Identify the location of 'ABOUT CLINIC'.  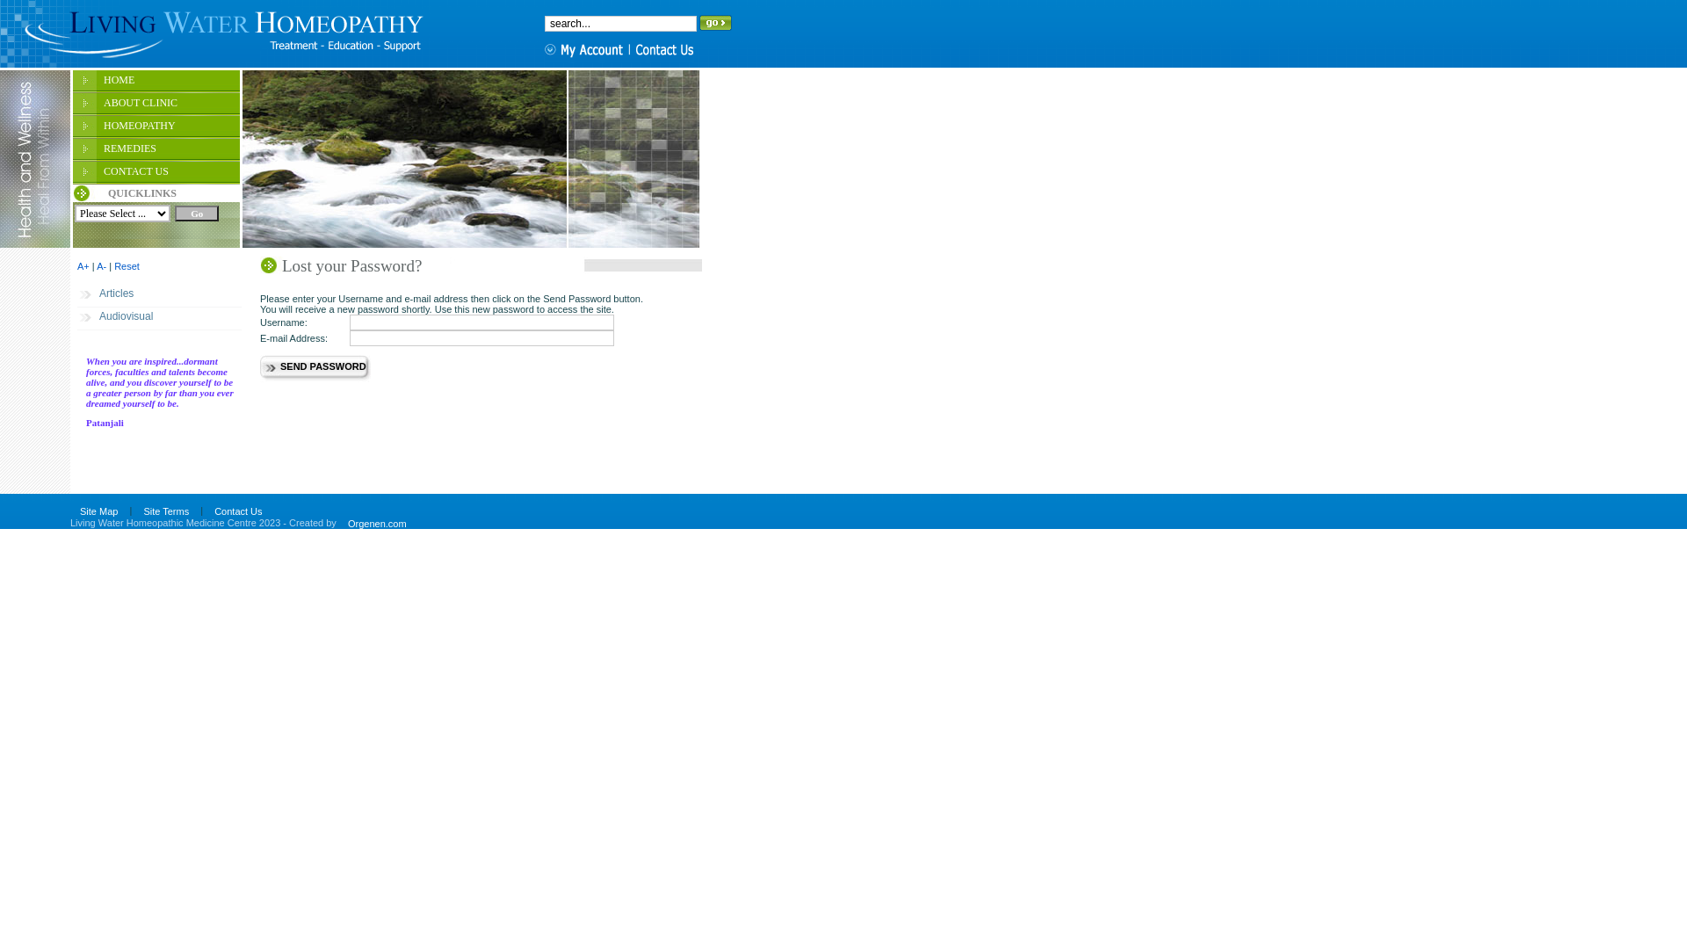
(71, 105).